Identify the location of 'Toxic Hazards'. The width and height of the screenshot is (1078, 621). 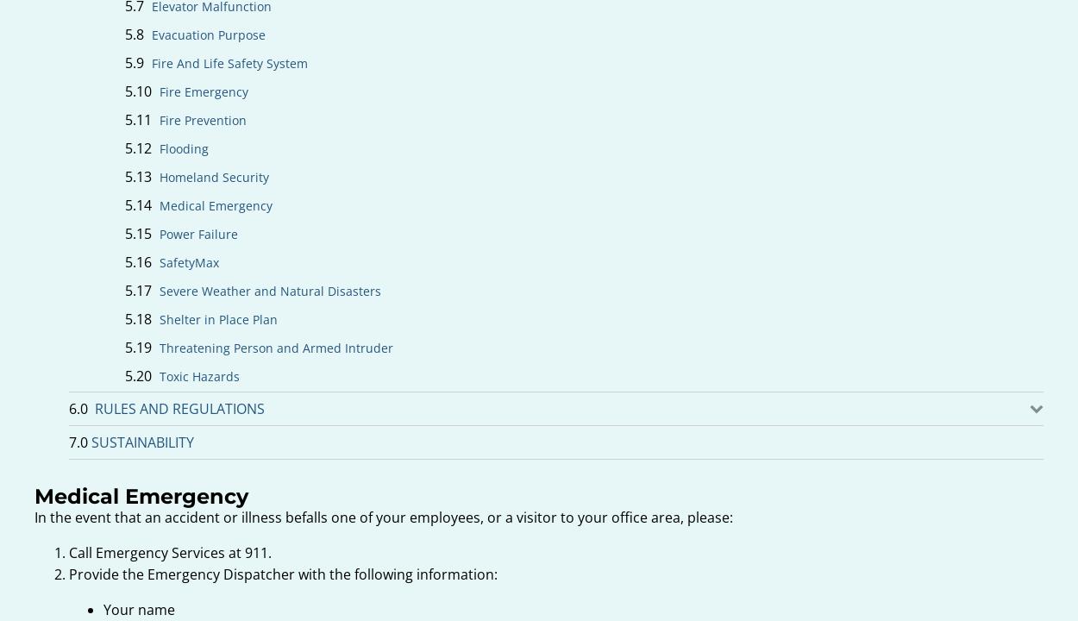
(198, 375).